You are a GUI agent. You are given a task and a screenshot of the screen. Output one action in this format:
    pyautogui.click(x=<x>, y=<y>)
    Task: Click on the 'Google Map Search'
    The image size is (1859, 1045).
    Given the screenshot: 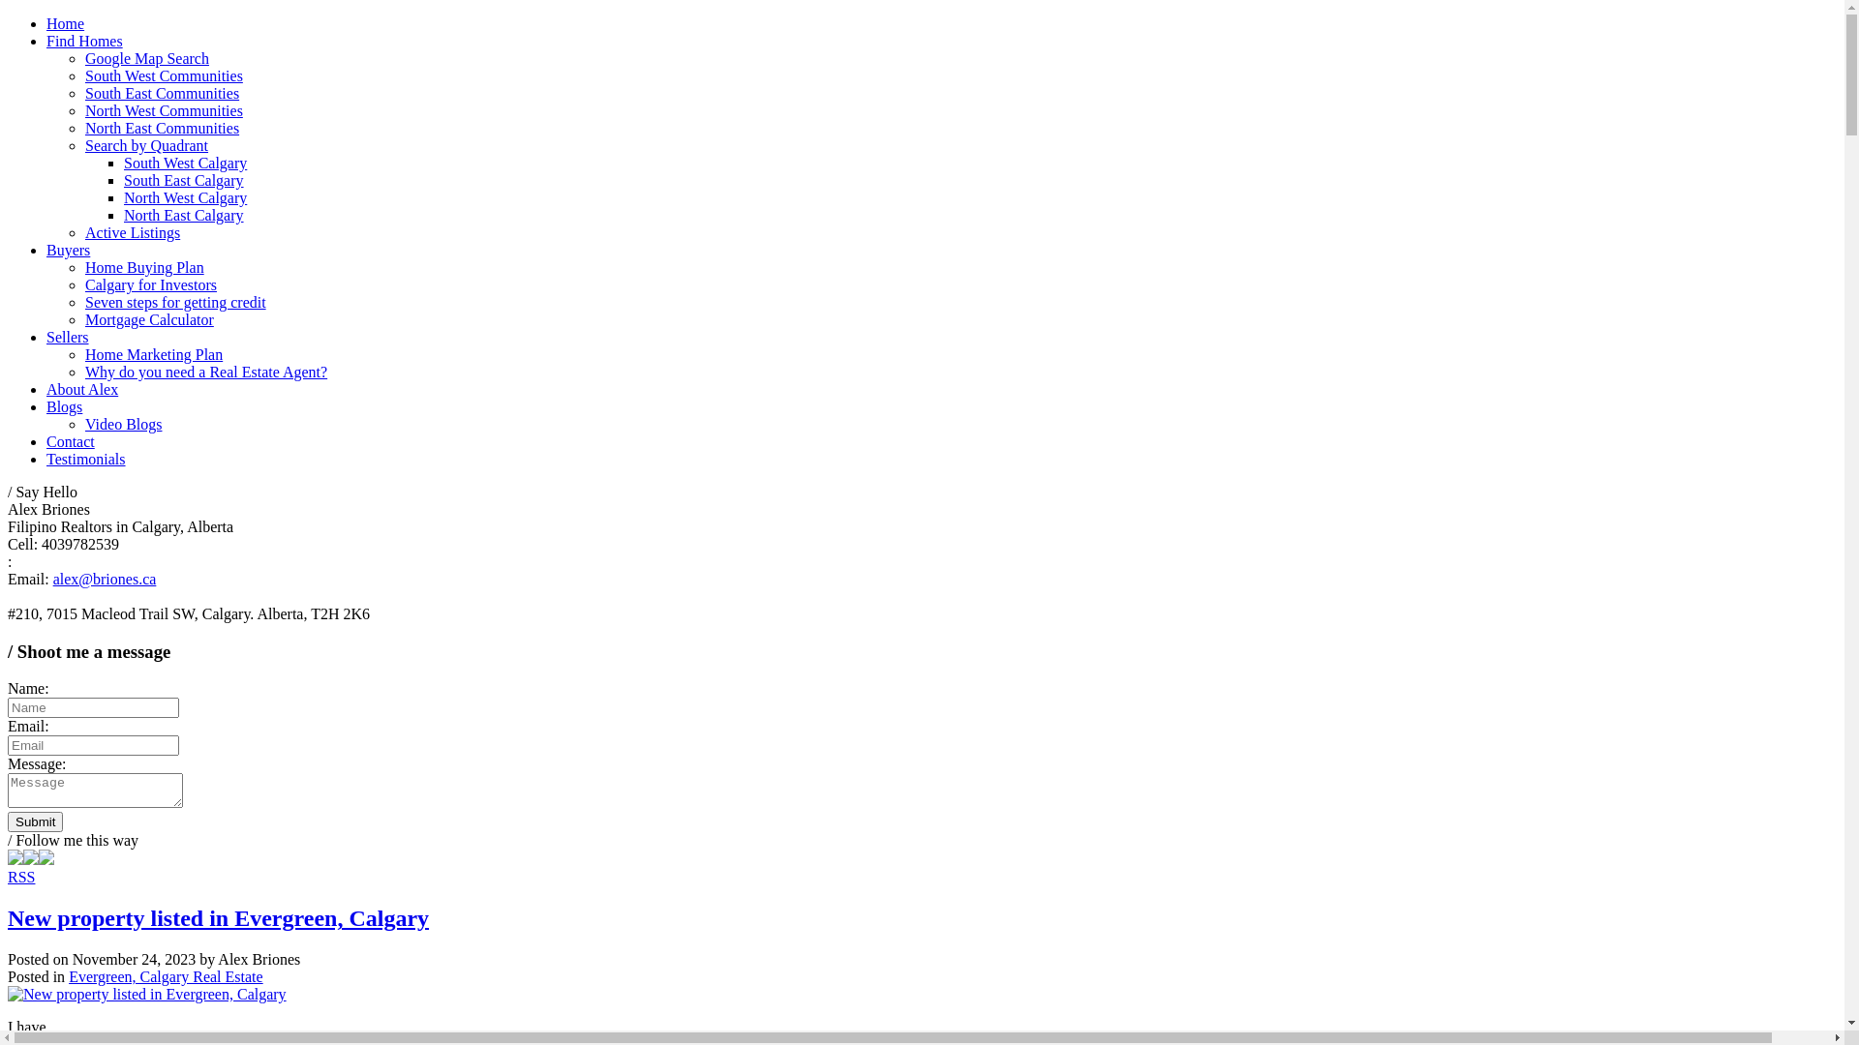 What is the action you would take?
    pyautogui.click(x=146, y=57)
    